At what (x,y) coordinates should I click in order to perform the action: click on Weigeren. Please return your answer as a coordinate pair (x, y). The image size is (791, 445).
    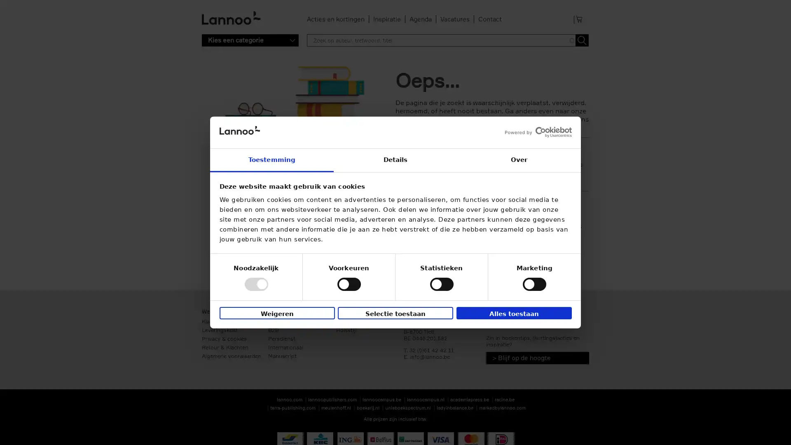
    Looking at the image, I should click on (277, 313).